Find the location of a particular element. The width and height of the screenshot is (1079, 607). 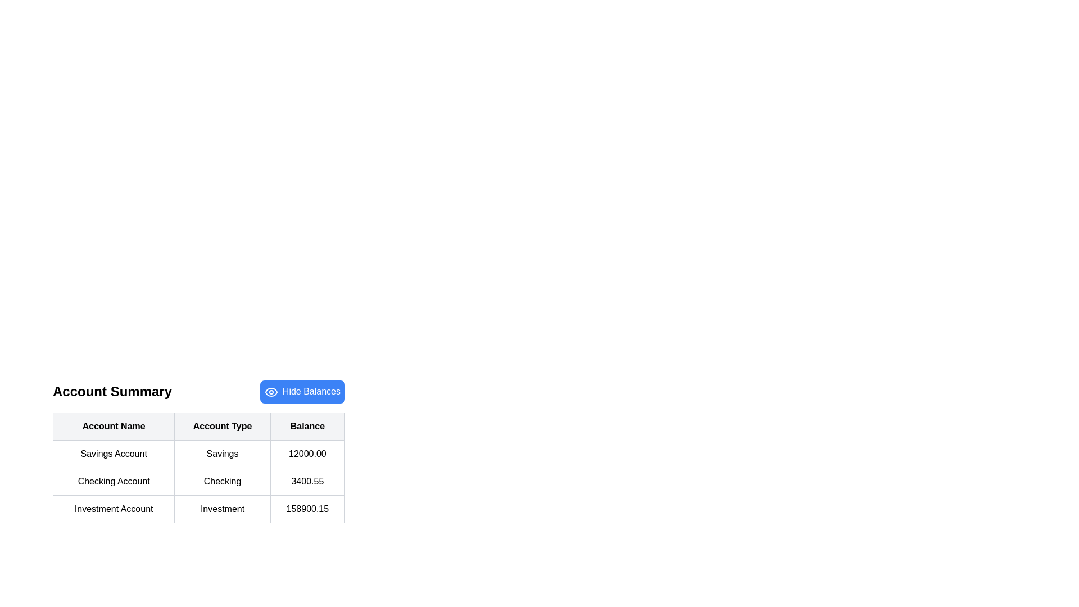

the static text label displaying 'Checking' in black, which is located in the second column of the second row of the table under the header 'Account Type' is located at coordinates (223, 481).